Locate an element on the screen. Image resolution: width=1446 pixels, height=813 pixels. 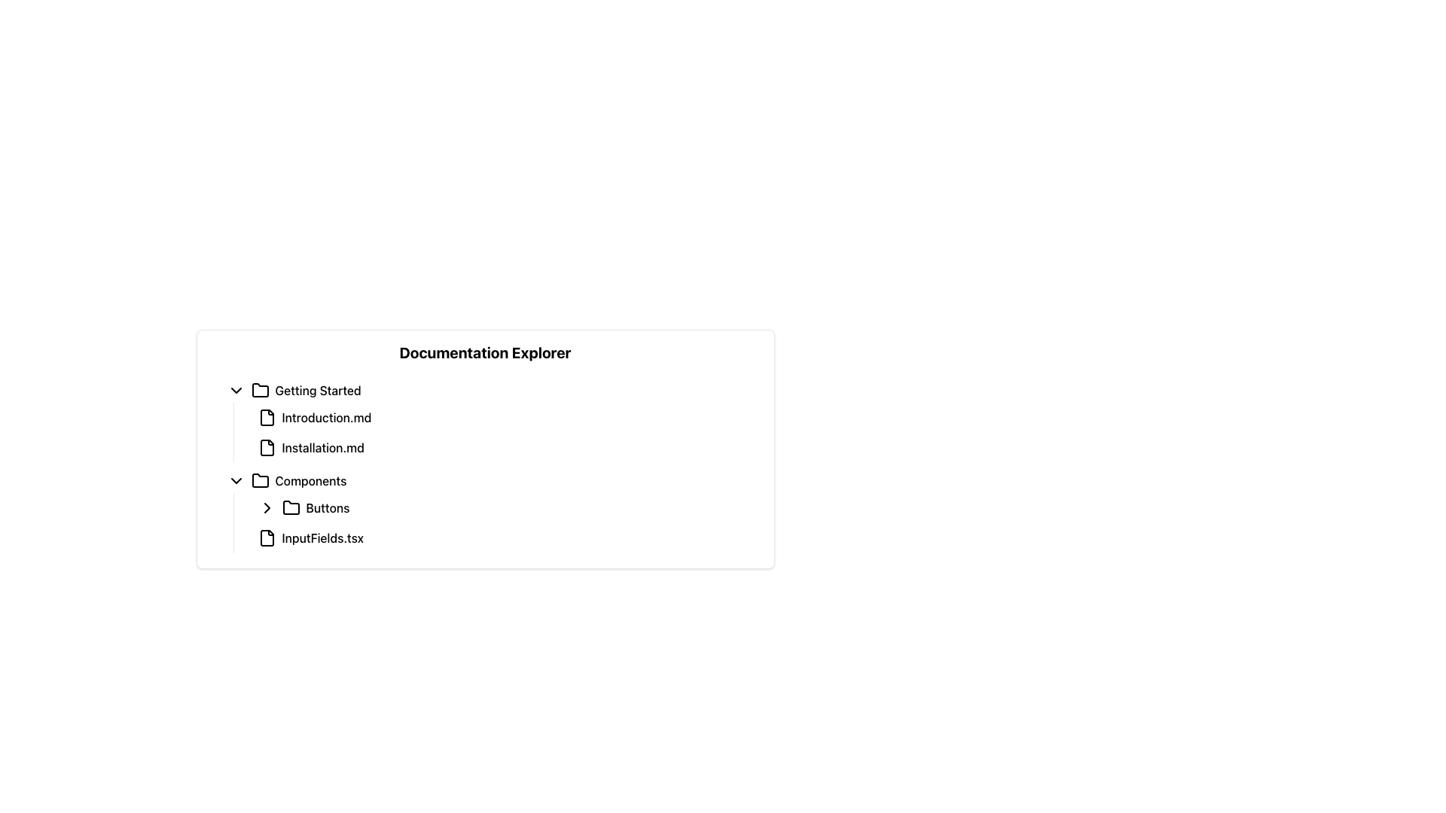
the downward-pointing chevron icon that indicates collapsibility, located to the left of the text 'Components' is located at coordinates (235, 481).